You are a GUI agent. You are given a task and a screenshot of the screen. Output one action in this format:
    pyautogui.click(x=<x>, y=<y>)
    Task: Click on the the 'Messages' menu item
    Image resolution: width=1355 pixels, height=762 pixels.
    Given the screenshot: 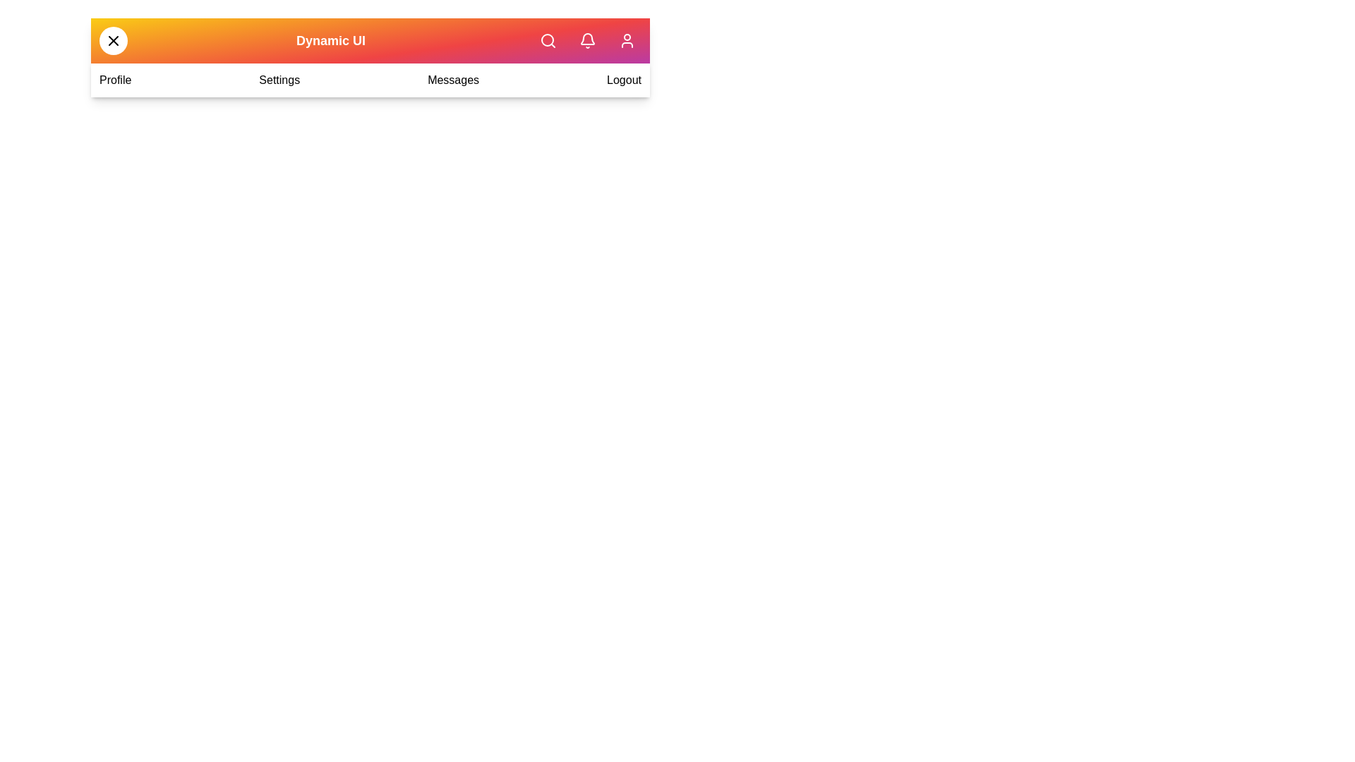 What is the action you would take?
    pyautogui.click(x=453, y=80)
    